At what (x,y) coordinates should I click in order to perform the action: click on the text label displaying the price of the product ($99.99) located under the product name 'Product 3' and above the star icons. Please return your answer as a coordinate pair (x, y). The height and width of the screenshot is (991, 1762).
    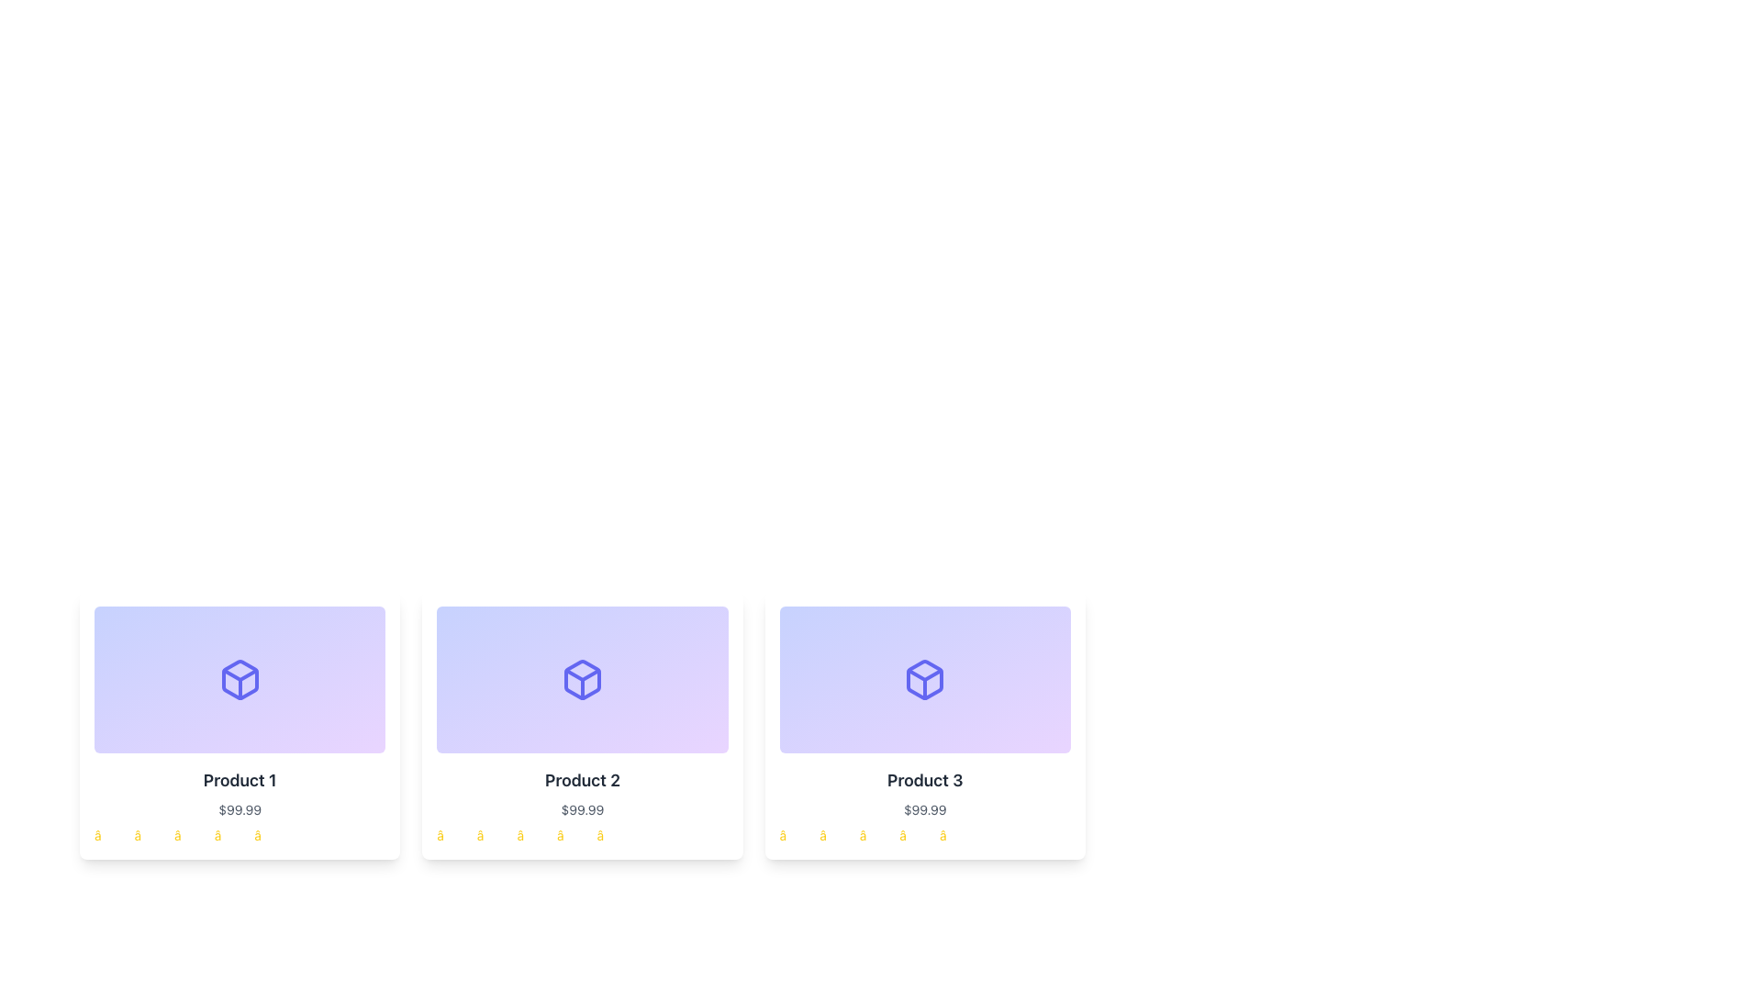
    Looking at the image, I should click on (925, 809).